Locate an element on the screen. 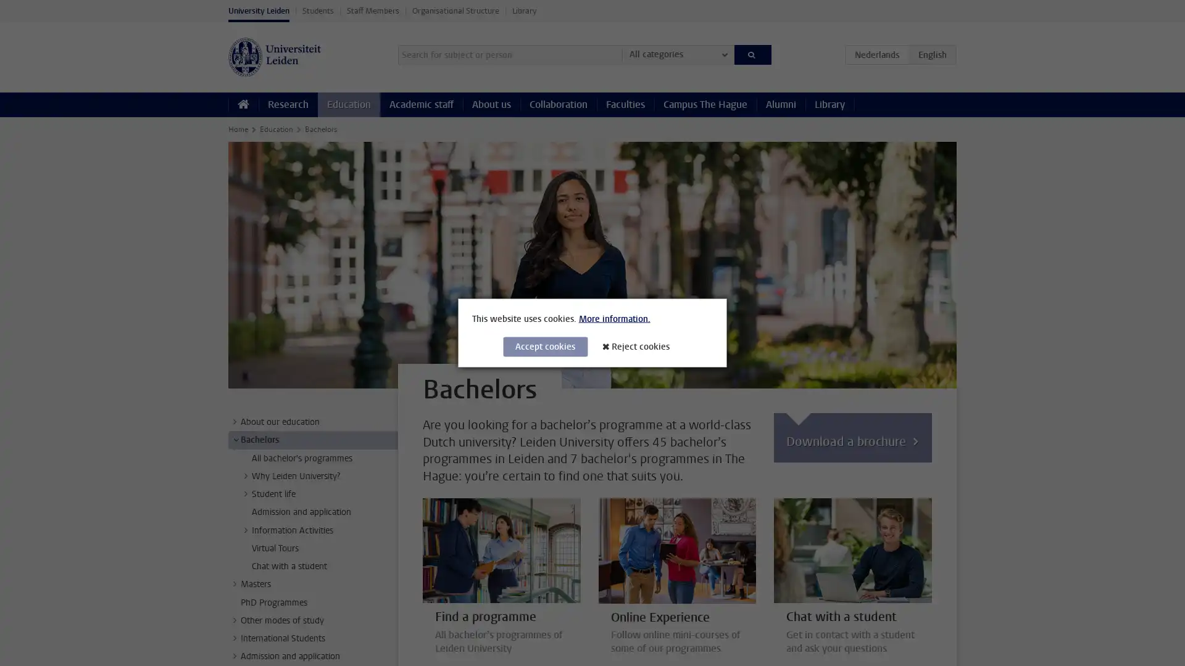  > is located at coordinates (235, 638).